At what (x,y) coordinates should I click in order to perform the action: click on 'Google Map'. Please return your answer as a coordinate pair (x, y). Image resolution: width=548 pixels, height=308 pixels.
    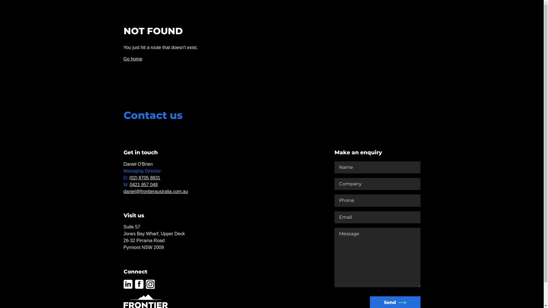
    Looking at the image, I should click on (208, 200).